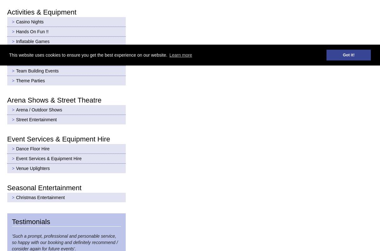 This screenshot has width=380, height=251. I want to click on 'Casino Nights', so click(16, 22).